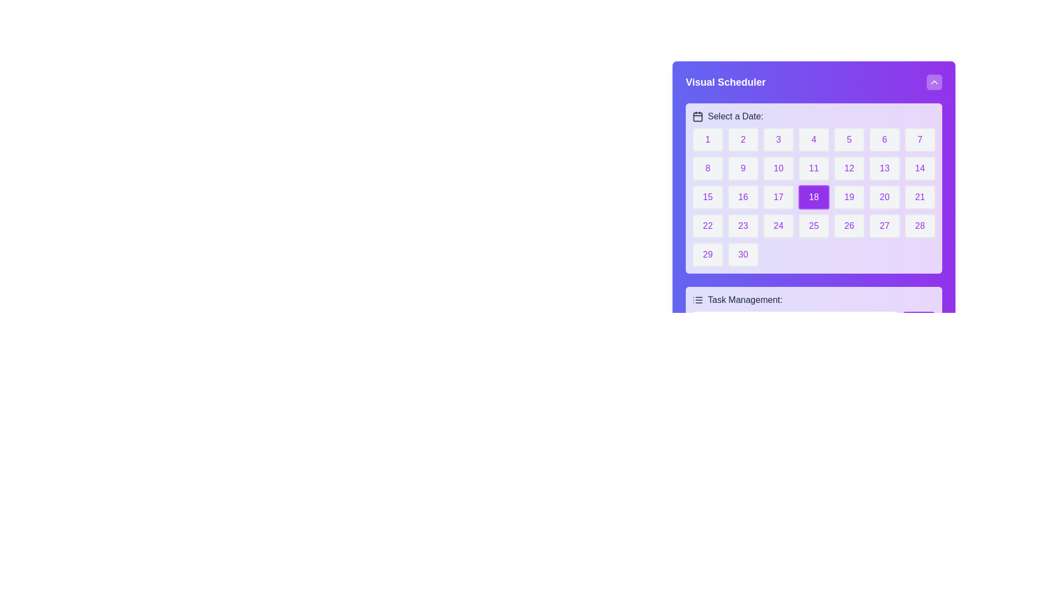 The height and width of the screenshot is (597, 1061). What do you see at coordinates (697, 300) in the screenshot?
I see `the small icon resembling a bulleted list, which consists of three horizontal lines and is positioned to the left of the text 'Task Management:' within a purple interface` at bounding box center [697, 300].